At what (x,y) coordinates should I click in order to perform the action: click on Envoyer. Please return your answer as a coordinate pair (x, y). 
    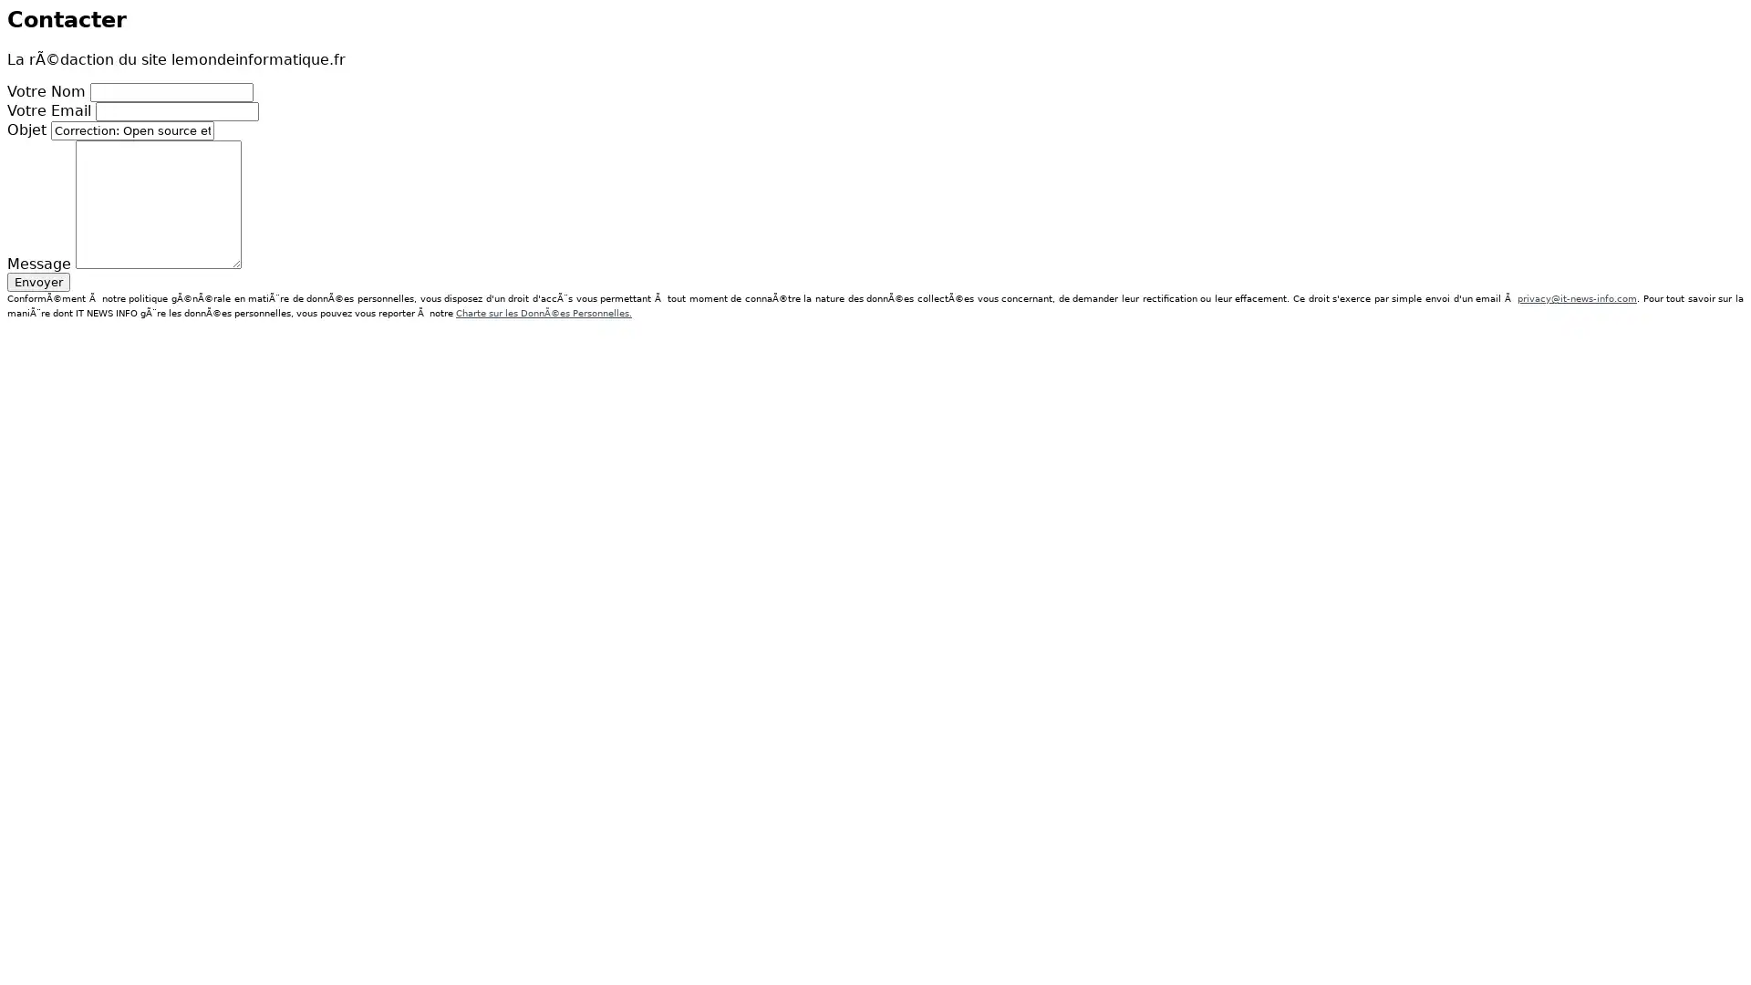
    Looking at the image, I should click on (38, 281).